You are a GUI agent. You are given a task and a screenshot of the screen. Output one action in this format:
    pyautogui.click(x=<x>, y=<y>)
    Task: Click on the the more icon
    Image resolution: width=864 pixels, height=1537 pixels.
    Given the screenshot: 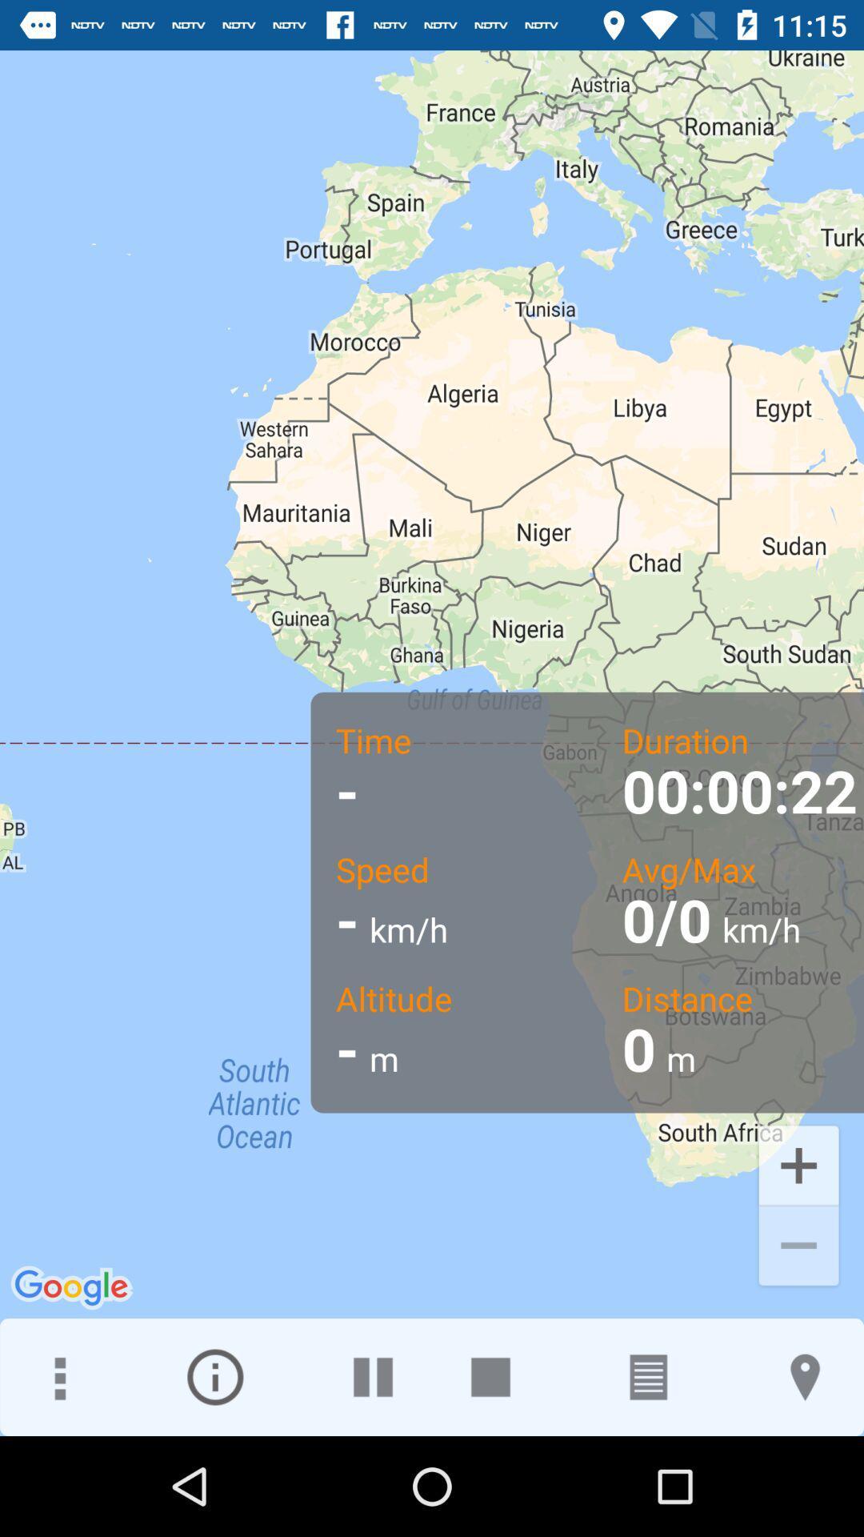 What is the action you would take?
    pyautogui.click(x=58, y=1376)
    